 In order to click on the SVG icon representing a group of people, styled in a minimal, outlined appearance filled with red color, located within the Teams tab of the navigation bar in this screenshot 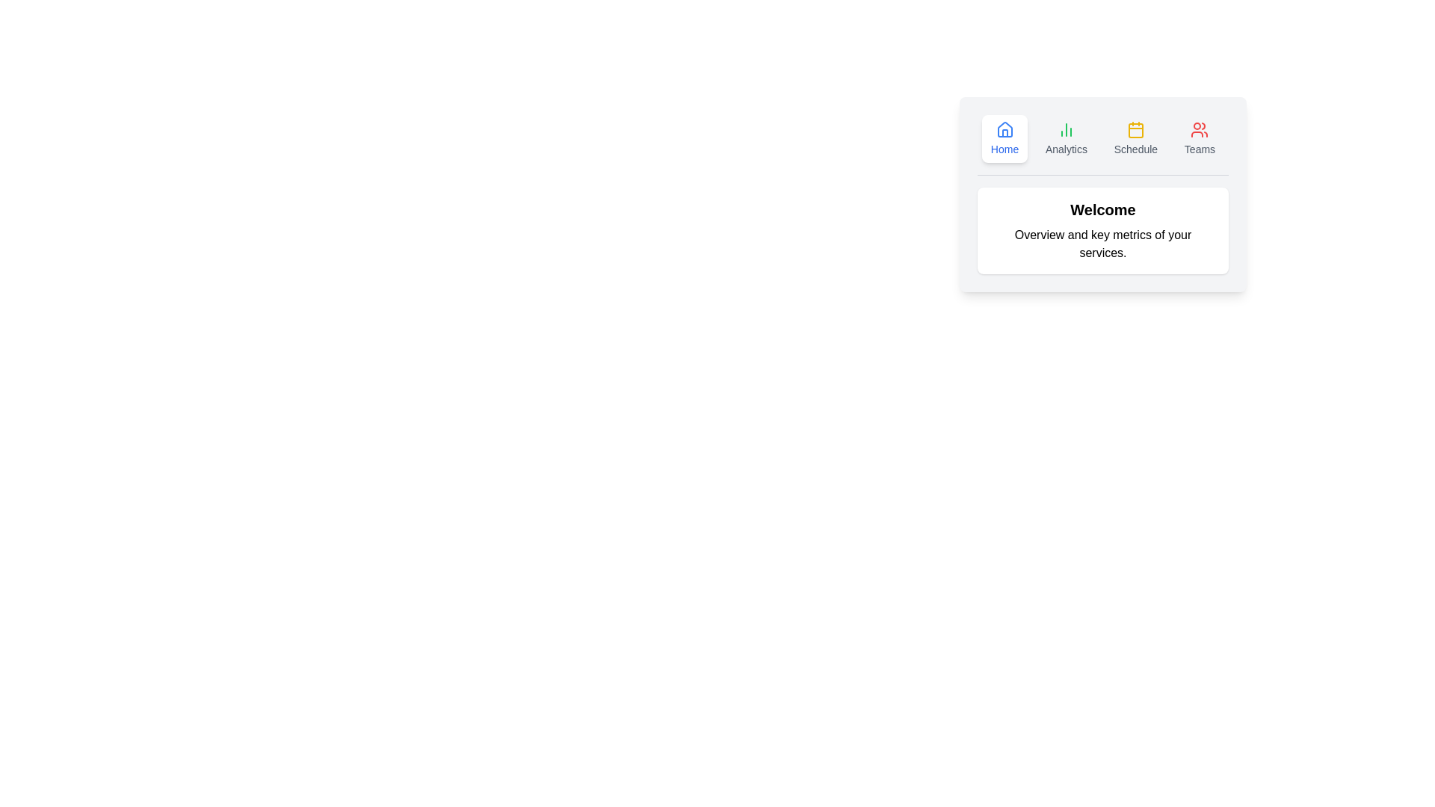, I will do `click(1200, 129)`.